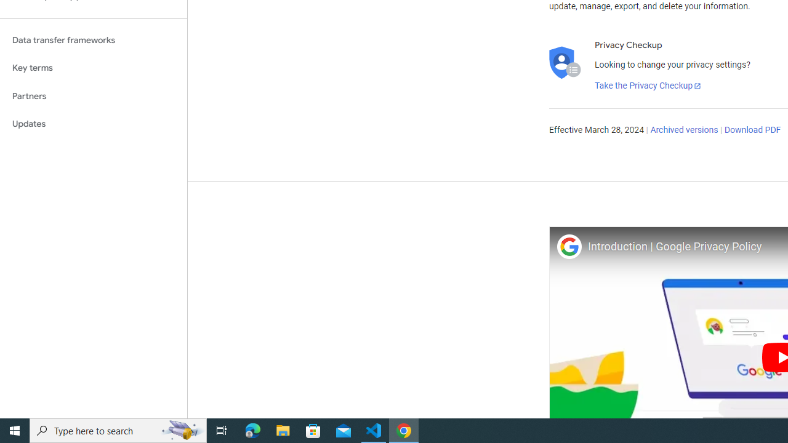  I want to click on 'Key terms', so click(93, 68).